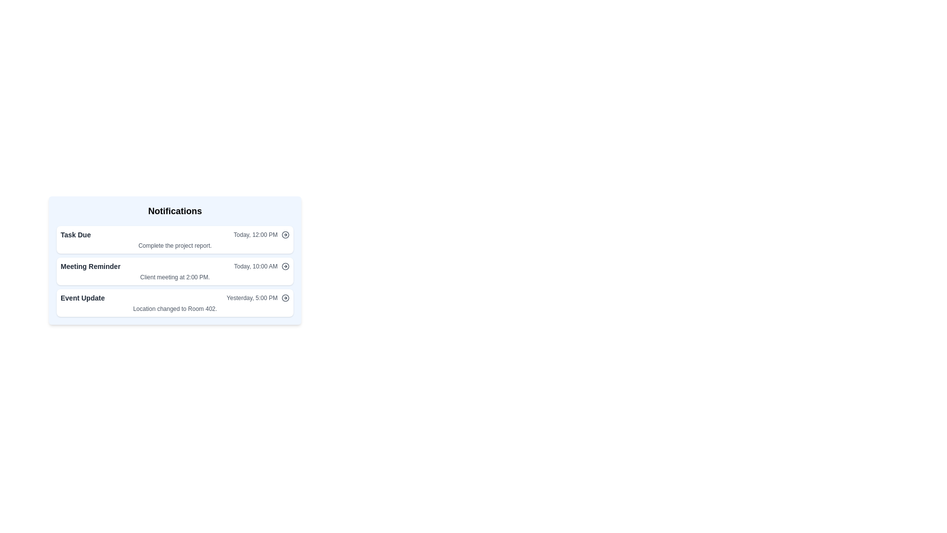 The height and width of the screenshot is (533, 947). What do you see at coordinates (175, 245) in the screenshot?
I see `static text element providing additional details about a task associated with the 'Task Due' notification, located centrally under the main title and timestamp` at bounding box center [175, 245].